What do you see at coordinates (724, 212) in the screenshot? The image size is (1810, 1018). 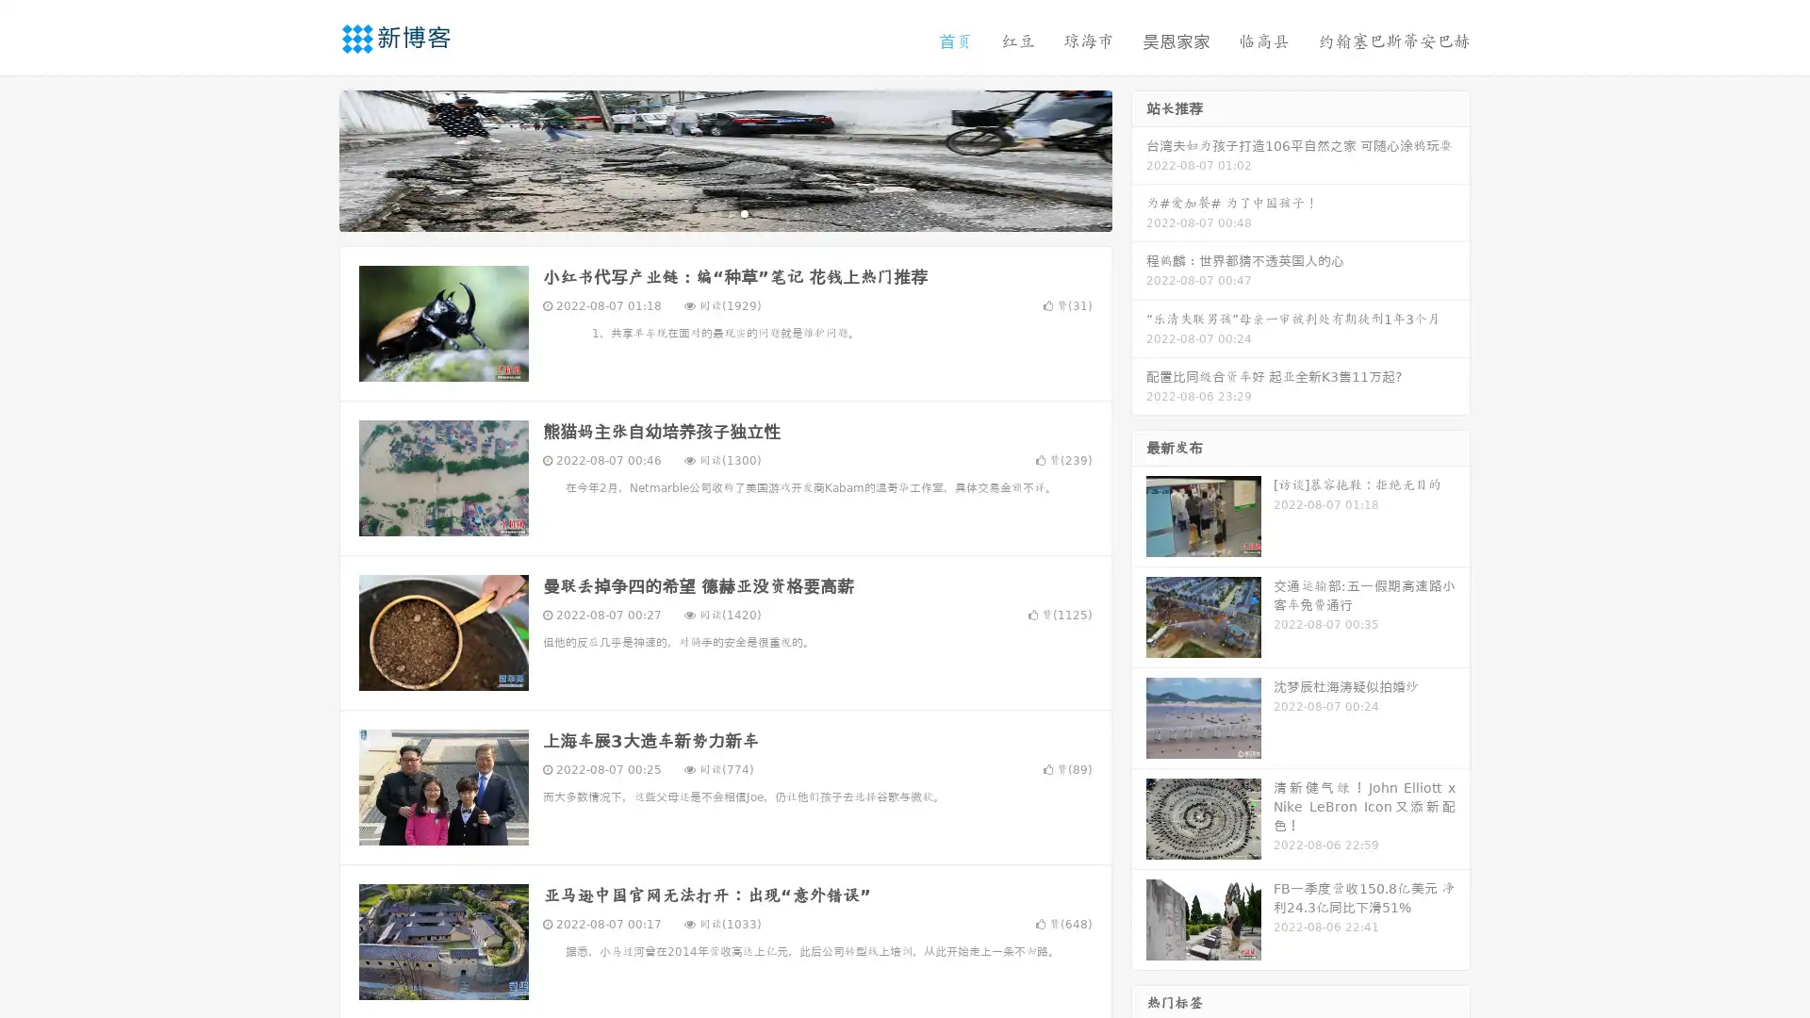 I see `Go to slide 2` at bounding box center [724, 212].